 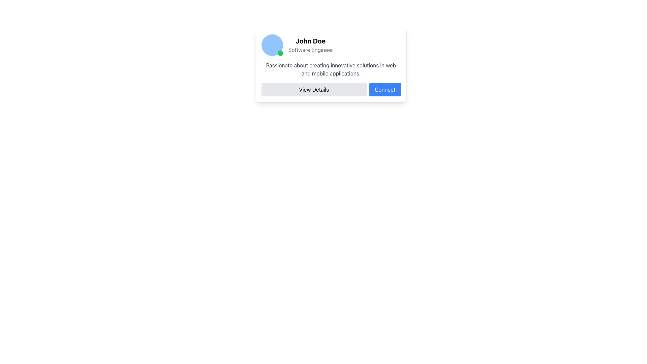 I want to click on the text label displaying 'John Doe' and 'Software Engineer', which is positioned to the right of the circular avatar image in the upper middle section of the contact card, so click(x=310, y=45).